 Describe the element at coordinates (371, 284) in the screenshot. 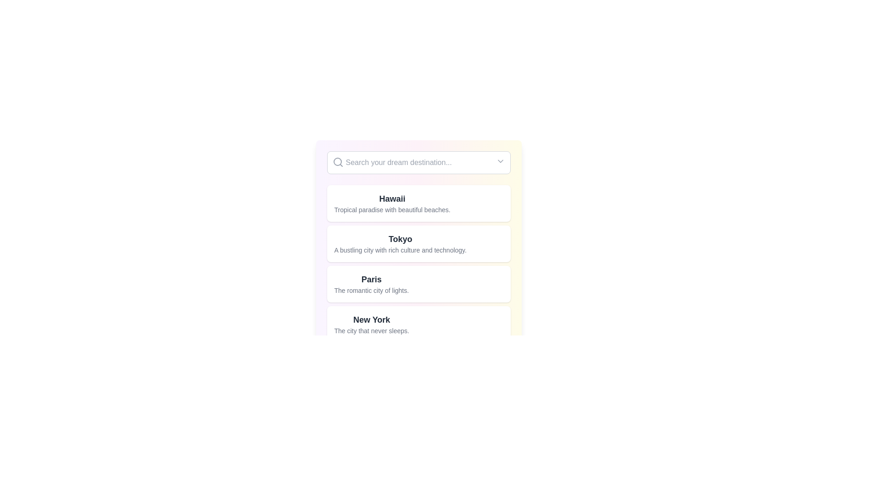

I see `the informational item displaying 'Paris' which has a bold title and a subtitle about the city, located as the third card in the vertical list of destinations` at that location.